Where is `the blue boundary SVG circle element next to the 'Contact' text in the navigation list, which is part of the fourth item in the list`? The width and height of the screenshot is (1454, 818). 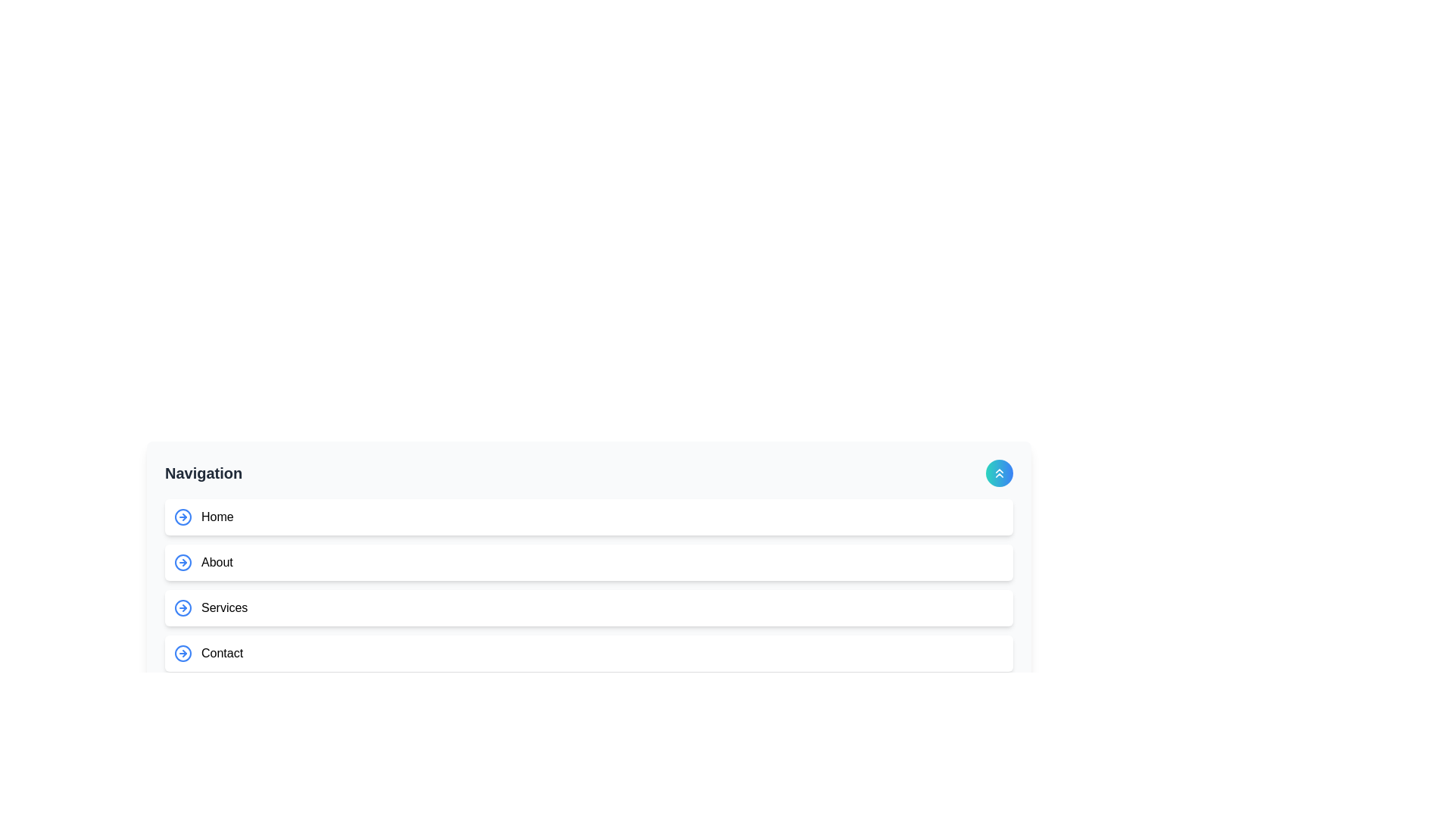
the blue boundary SVG circle element next to the 'Contact' text in the navigation list, which is part of the fourth item in the list is located at coordinates (182, 653).